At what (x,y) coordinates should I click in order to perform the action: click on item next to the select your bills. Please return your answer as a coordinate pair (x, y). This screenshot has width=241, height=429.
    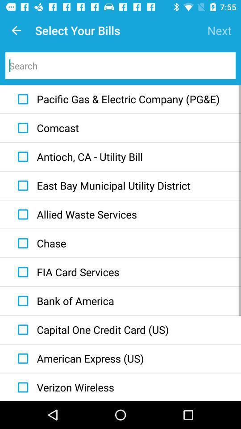
    Looking at the image, I should click on (219, 30).